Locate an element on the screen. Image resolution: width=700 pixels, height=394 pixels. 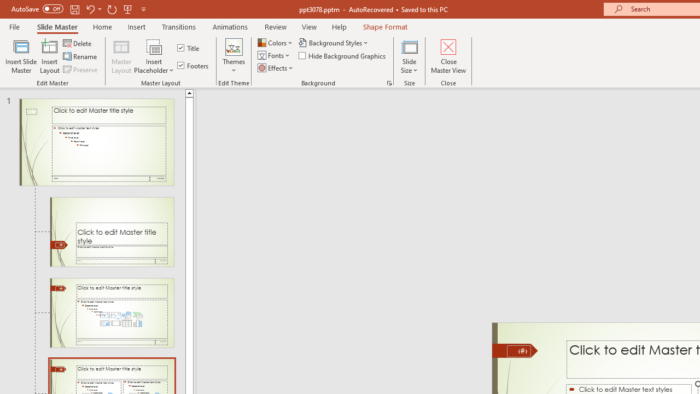
'Close Master View' is located at coordinates (448, 56).